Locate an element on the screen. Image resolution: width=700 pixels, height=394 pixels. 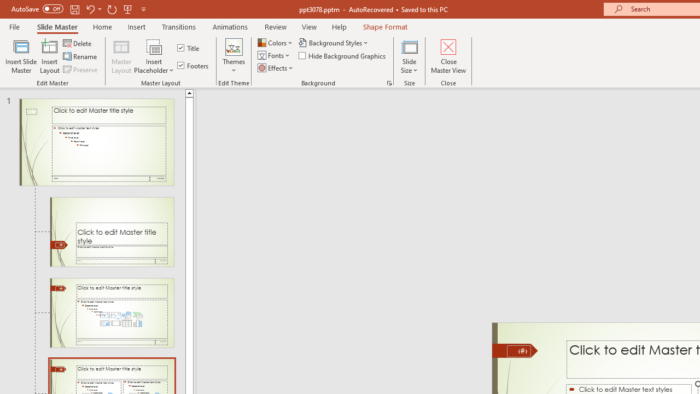
'Close Master View' is located at coordinates (448, 56).